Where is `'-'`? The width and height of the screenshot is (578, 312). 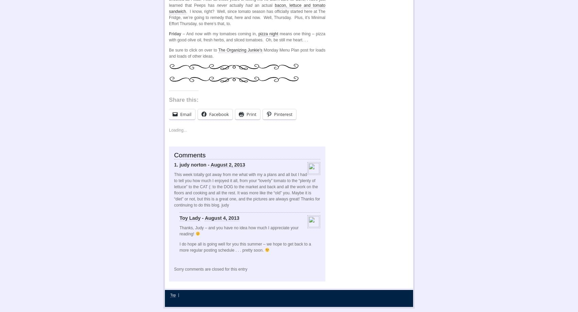
'-' is located at coordinates (202, 217).